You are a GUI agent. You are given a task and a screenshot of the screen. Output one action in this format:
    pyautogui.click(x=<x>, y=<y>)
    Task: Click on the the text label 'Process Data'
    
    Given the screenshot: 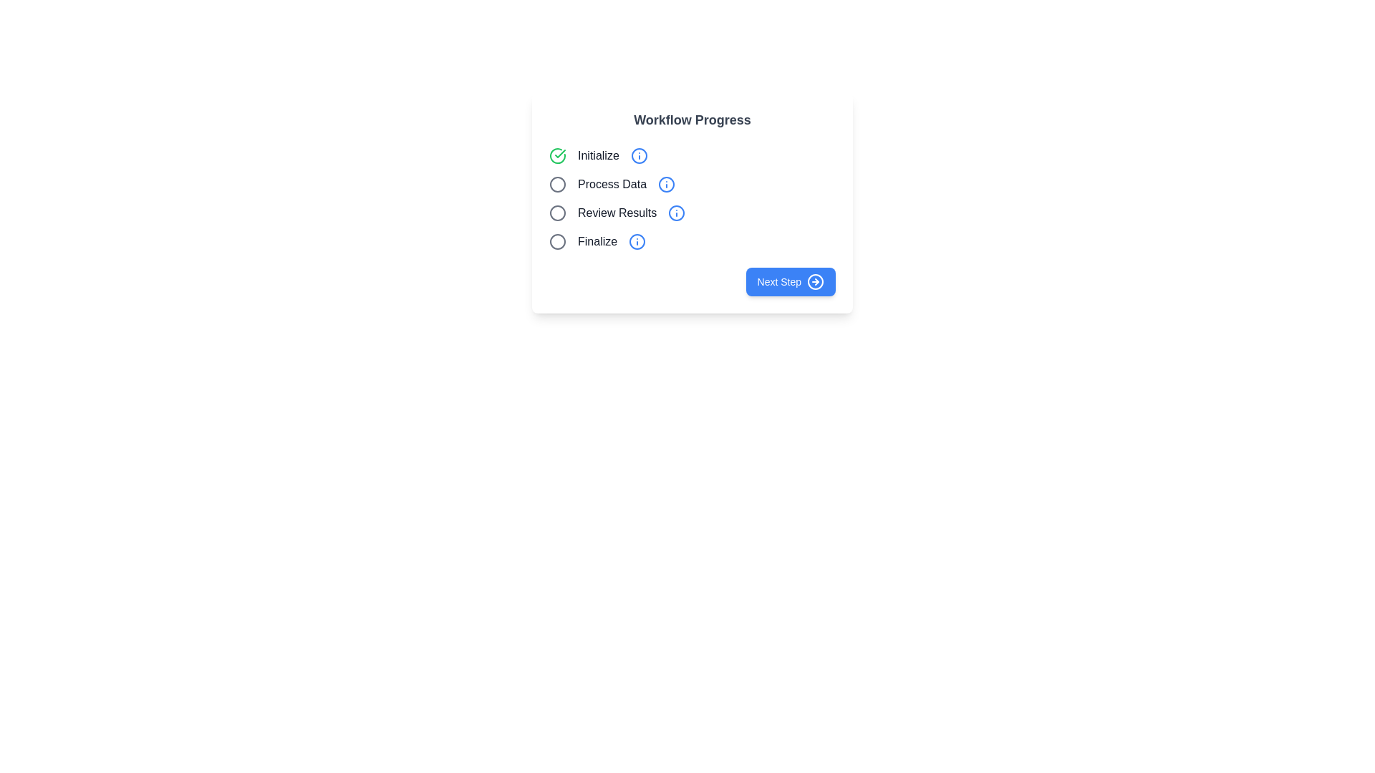 What is the action you would take?
    pyautogui.click(x=612, y=184)
    